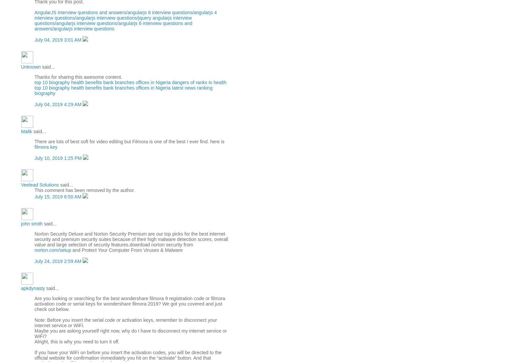  Describe the element at coordinates (129, 141) in the screenshot. I see `'There are lots of best soft for video editing but Filmora is one of the best I ever find. here is'` at that location.